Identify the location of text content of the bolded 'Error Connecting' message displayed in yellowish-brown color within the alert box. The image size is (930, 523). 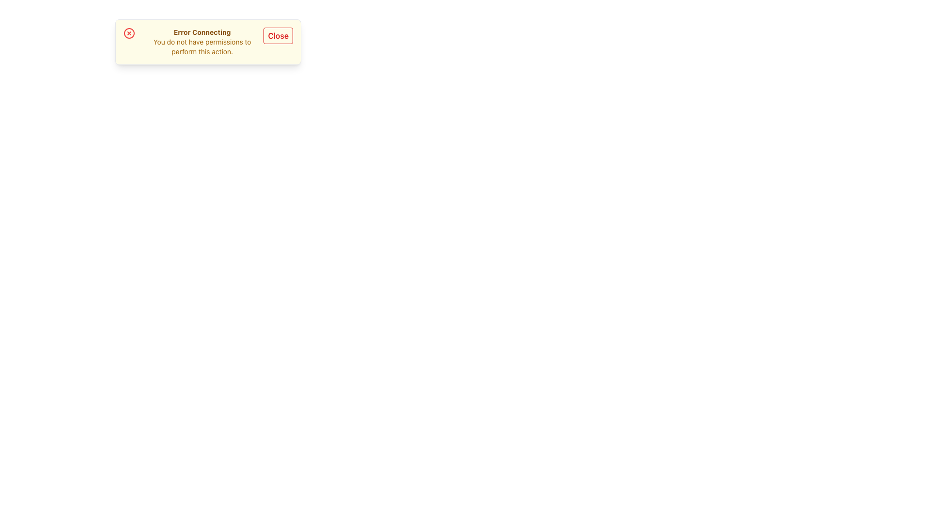
(201, 31).